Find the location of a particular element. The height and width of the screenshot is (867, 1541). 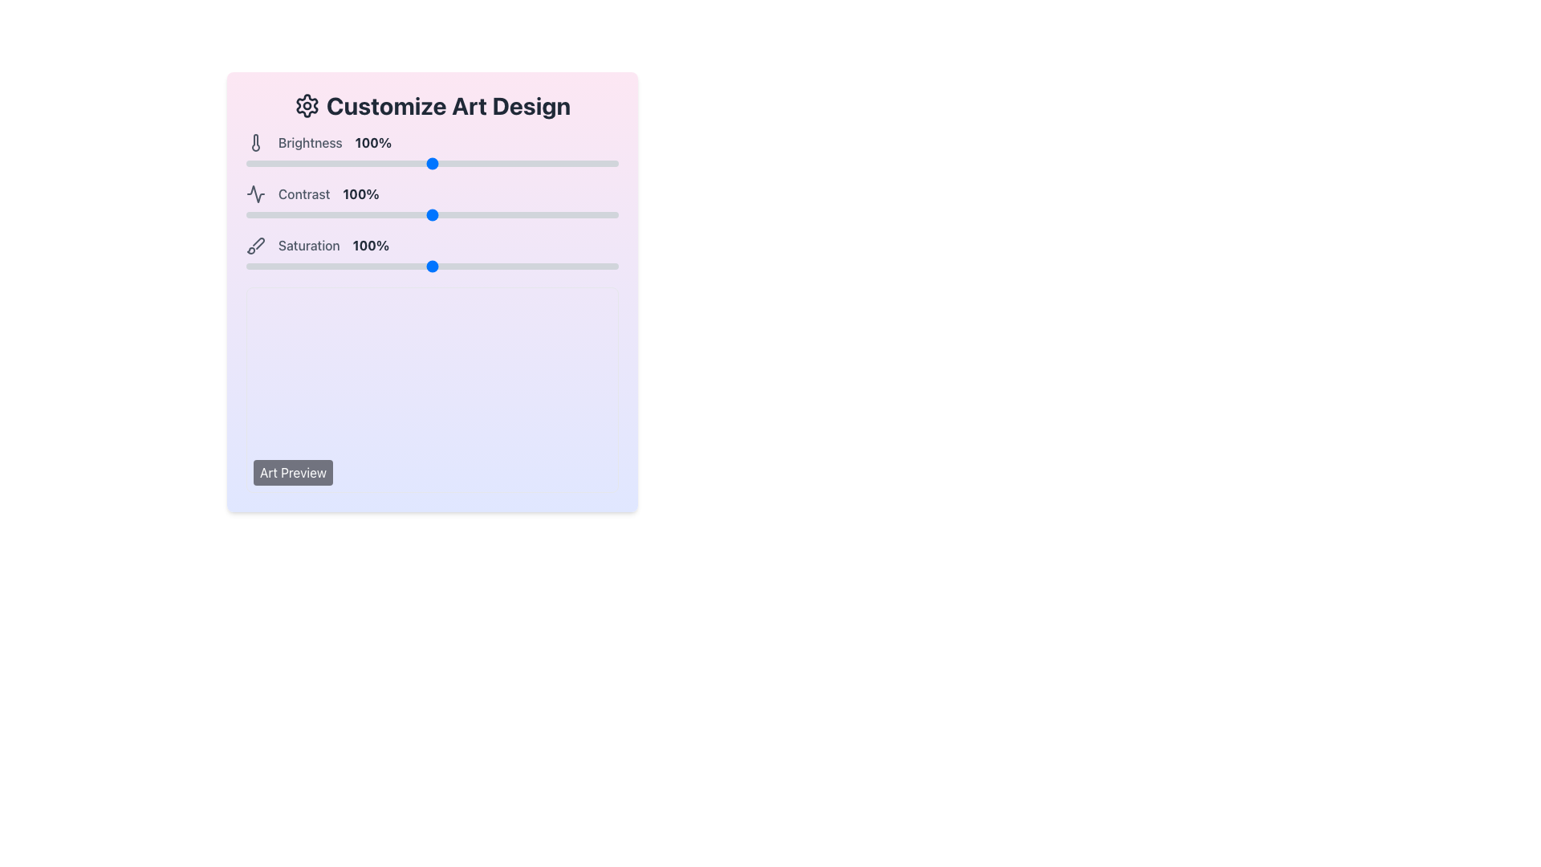

the saturation is located at coordinates (523, 265).